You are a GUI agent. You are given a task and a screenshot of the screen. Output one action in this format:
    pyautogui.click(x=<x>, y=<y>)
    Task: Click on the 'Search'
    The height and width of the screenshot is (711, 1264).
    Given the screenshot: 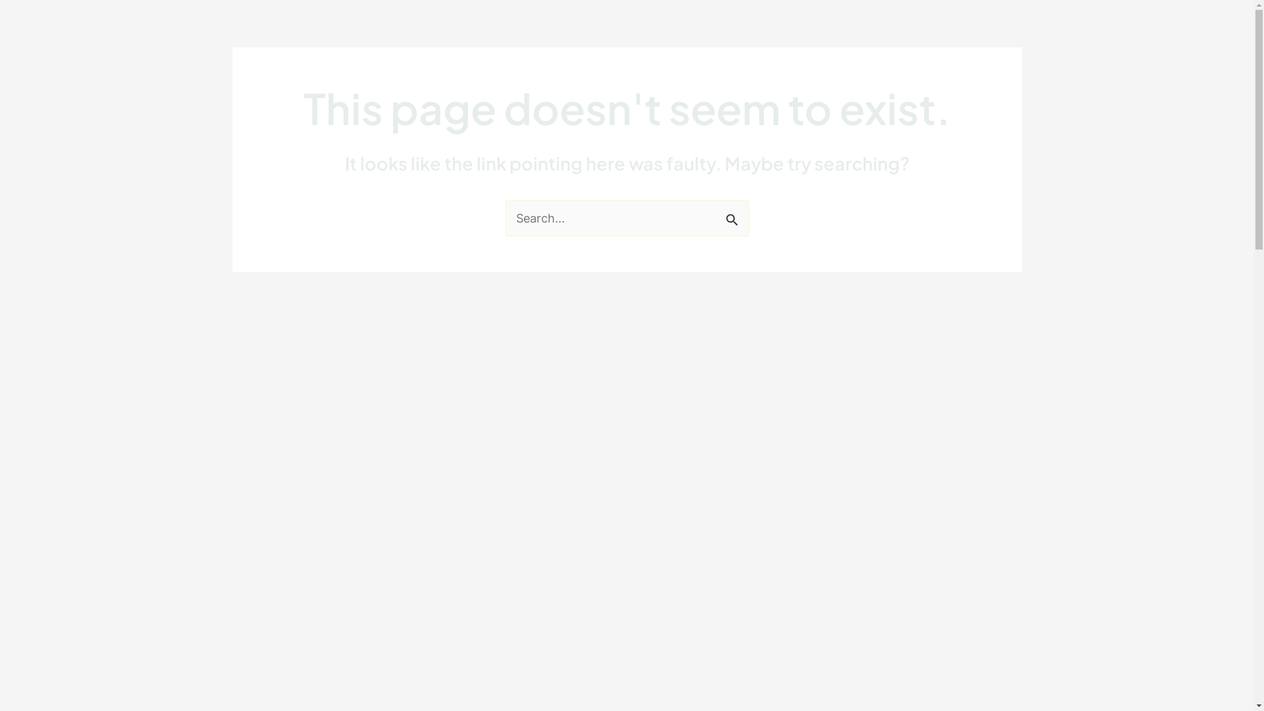 What is the action you would take?
    pyautogui.click(x=733, y=215)
    